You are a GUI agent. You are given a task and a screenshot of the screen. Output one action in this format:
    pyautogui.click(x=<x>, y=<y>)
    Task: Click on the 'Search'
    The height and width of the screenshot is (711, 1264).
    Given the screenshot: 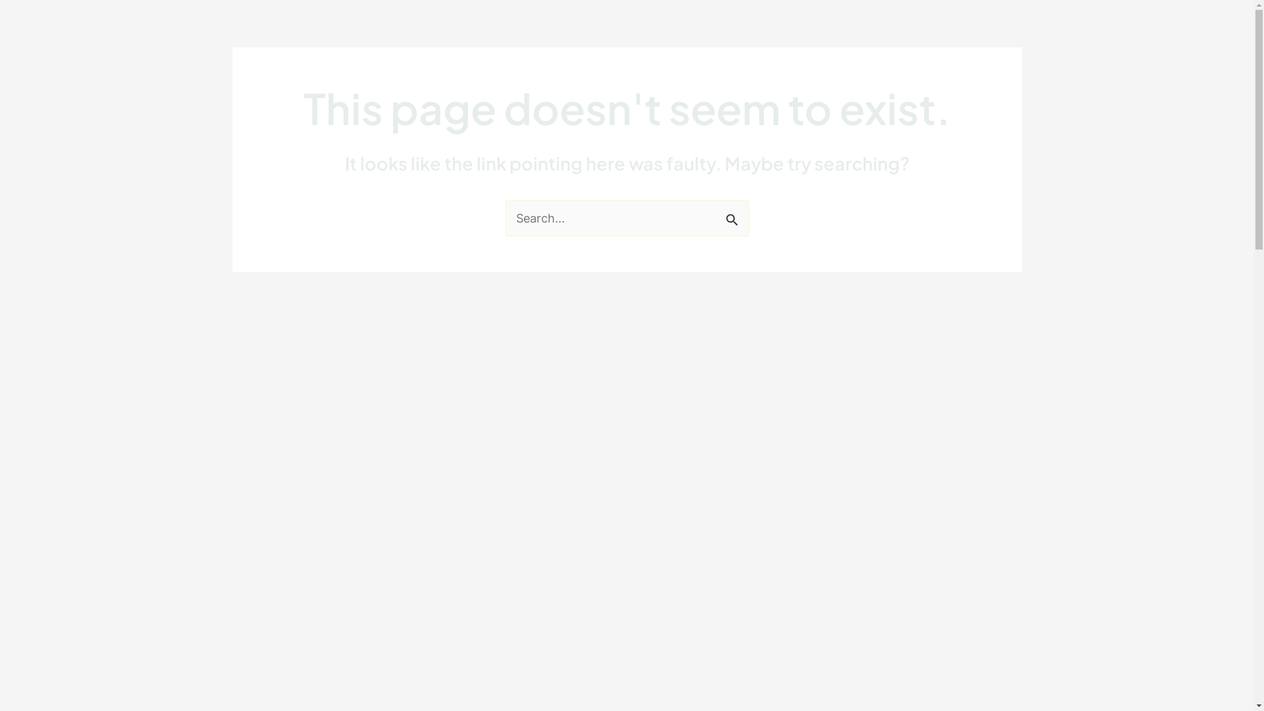 What is the action you would take?
    pyautogui.click(x=733, y=215)
    